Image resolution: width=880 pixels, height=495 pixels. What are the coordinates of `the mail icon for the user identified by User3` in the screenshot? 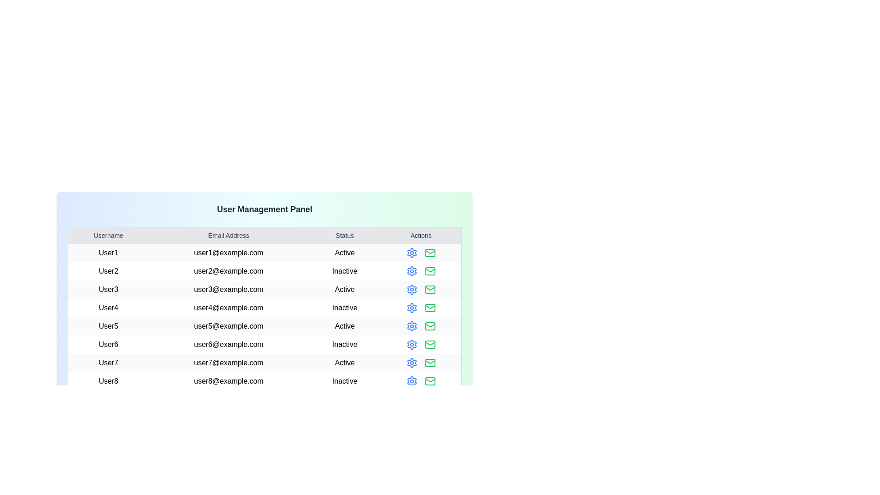 It's located at (429, 290).